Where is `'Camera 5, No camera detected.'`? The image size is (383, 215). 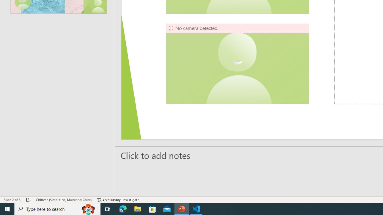 'Camera 5, No camera detected.' is located at coordinates (237, 64).